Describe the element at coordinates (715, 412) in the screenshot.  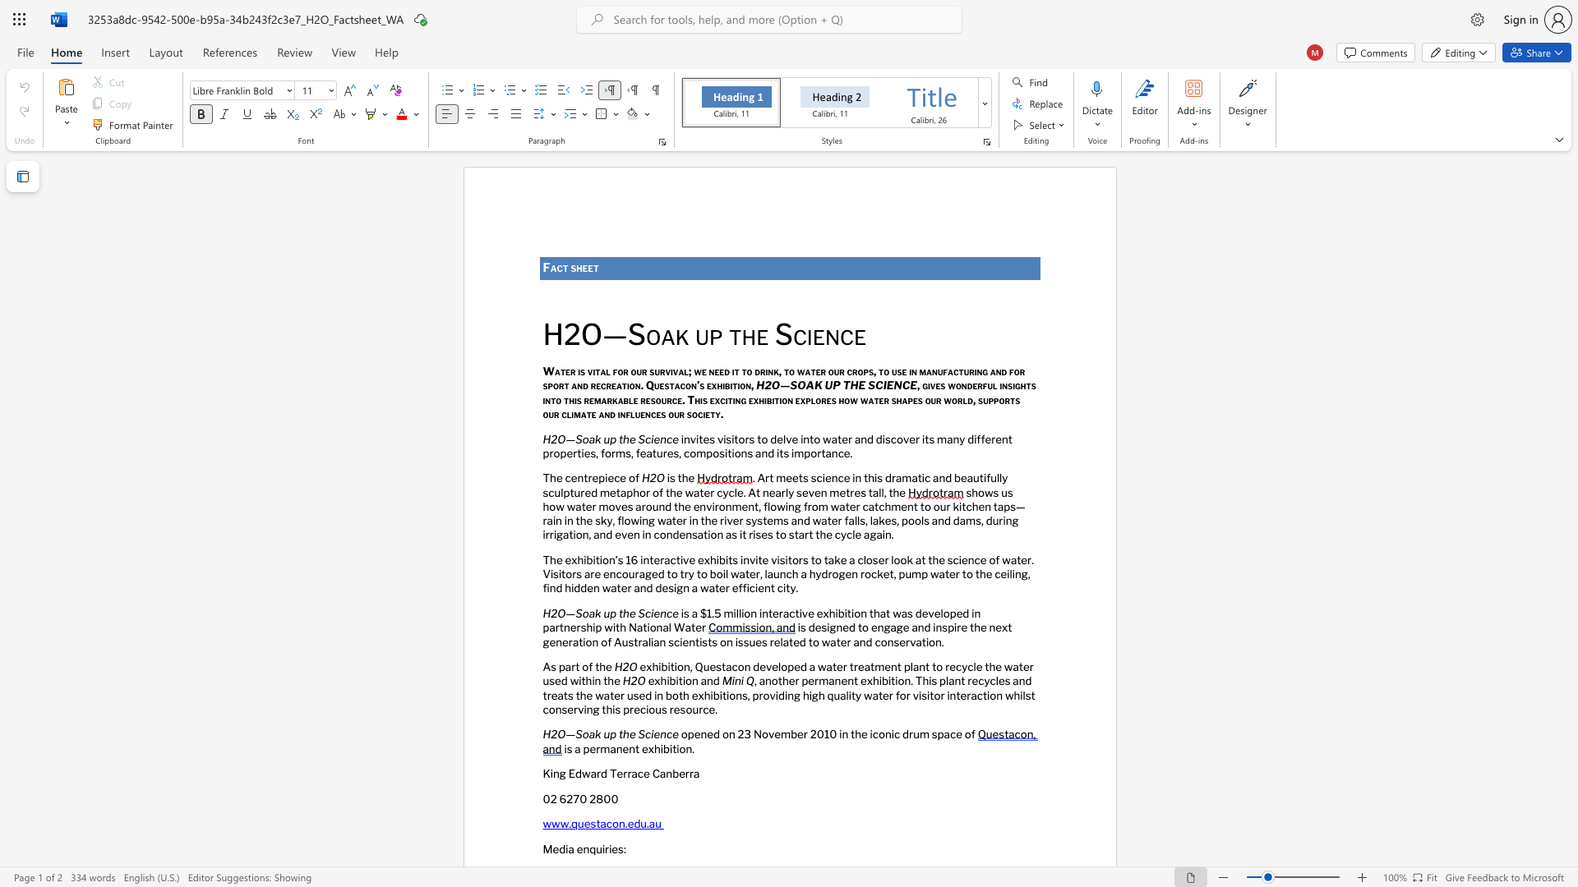
I see `the space between the continuous character "t" and "y" in the text` at that location.